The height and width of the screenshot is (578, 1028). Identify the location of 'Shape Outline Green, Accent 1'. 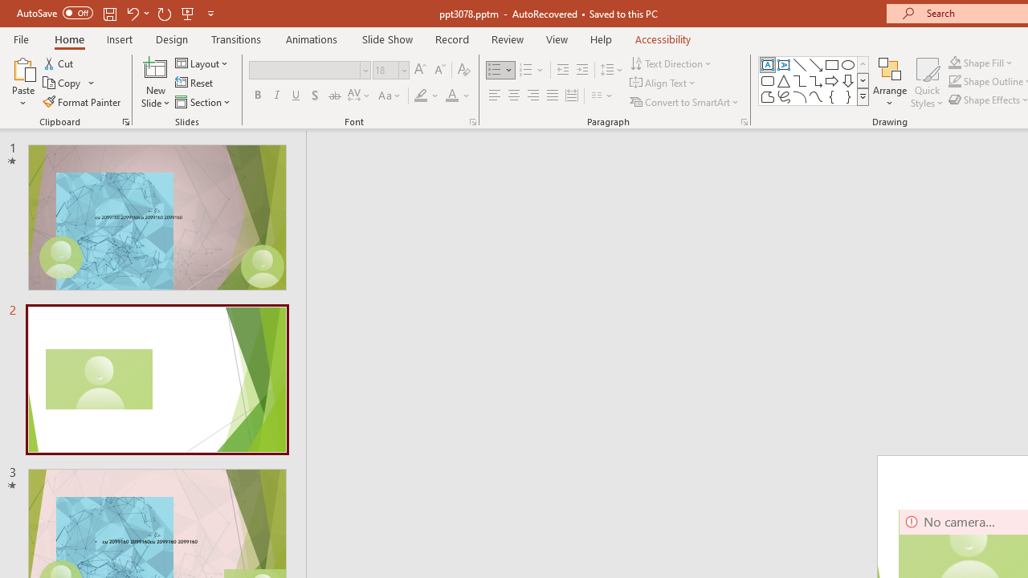
(955, 81).